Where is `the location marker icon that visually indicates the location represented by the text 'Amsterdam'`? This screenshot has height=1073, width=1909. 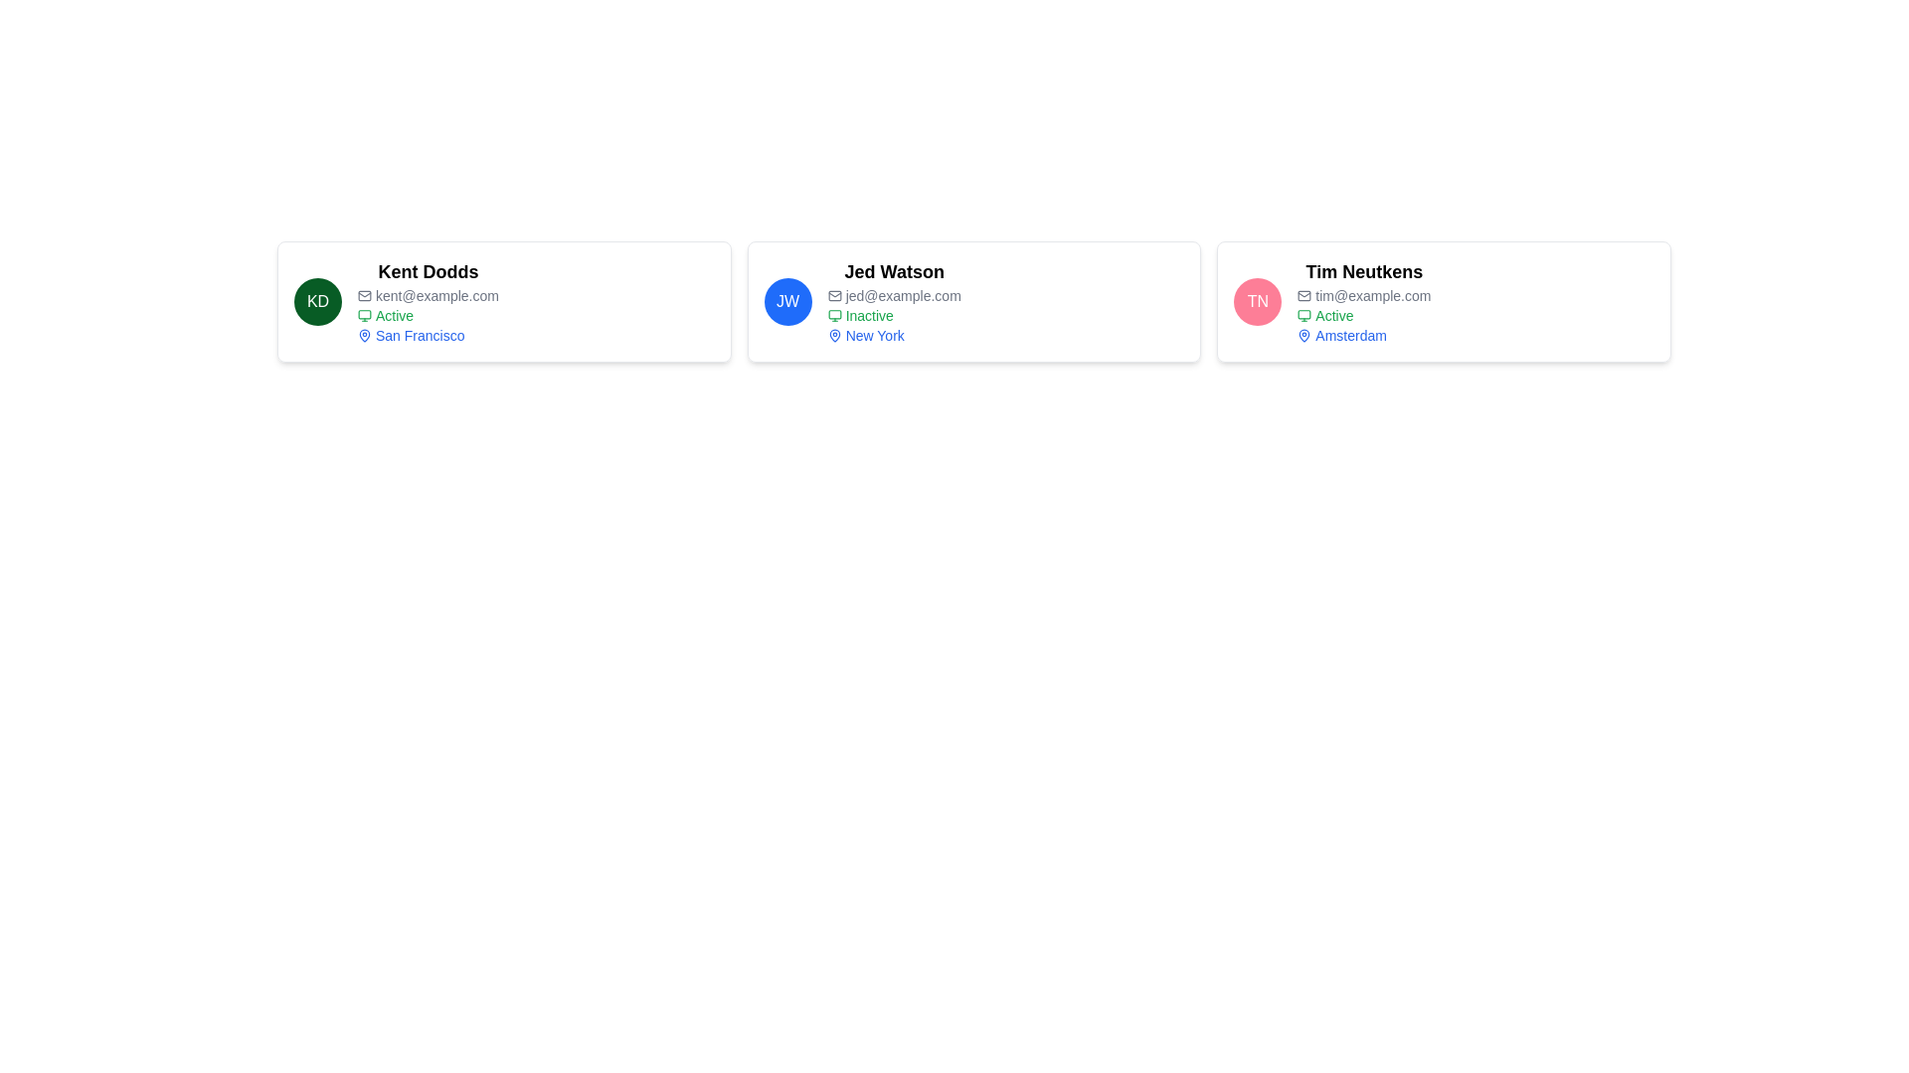 the location marker icon that visually indicates the location represented by the text 'Amsterdam' is located at coordinates (1304, 335).